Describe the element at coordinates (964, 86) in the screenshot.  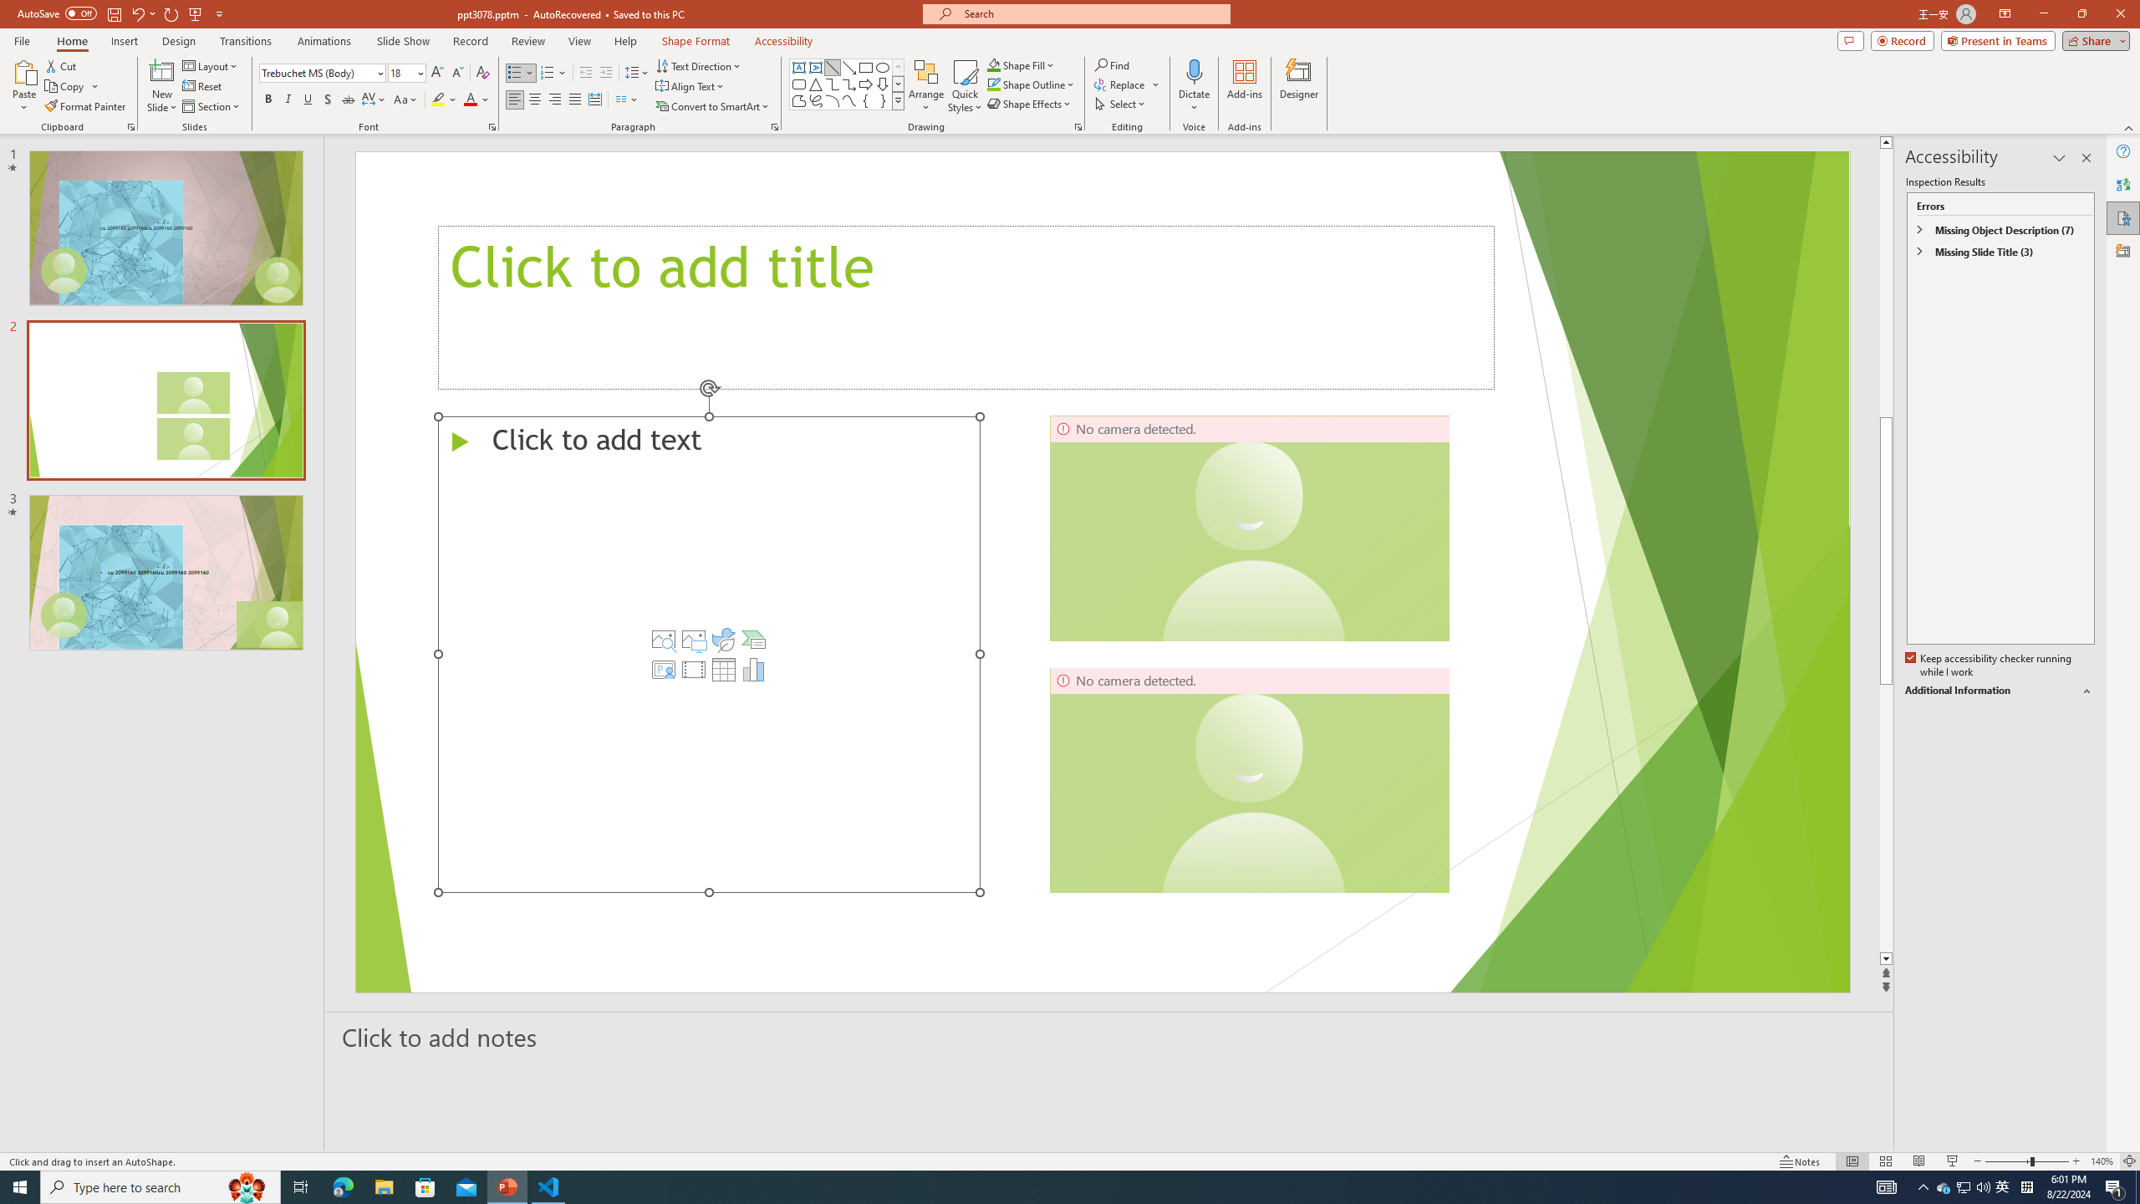
I see `'Quick Styles'` at that location.